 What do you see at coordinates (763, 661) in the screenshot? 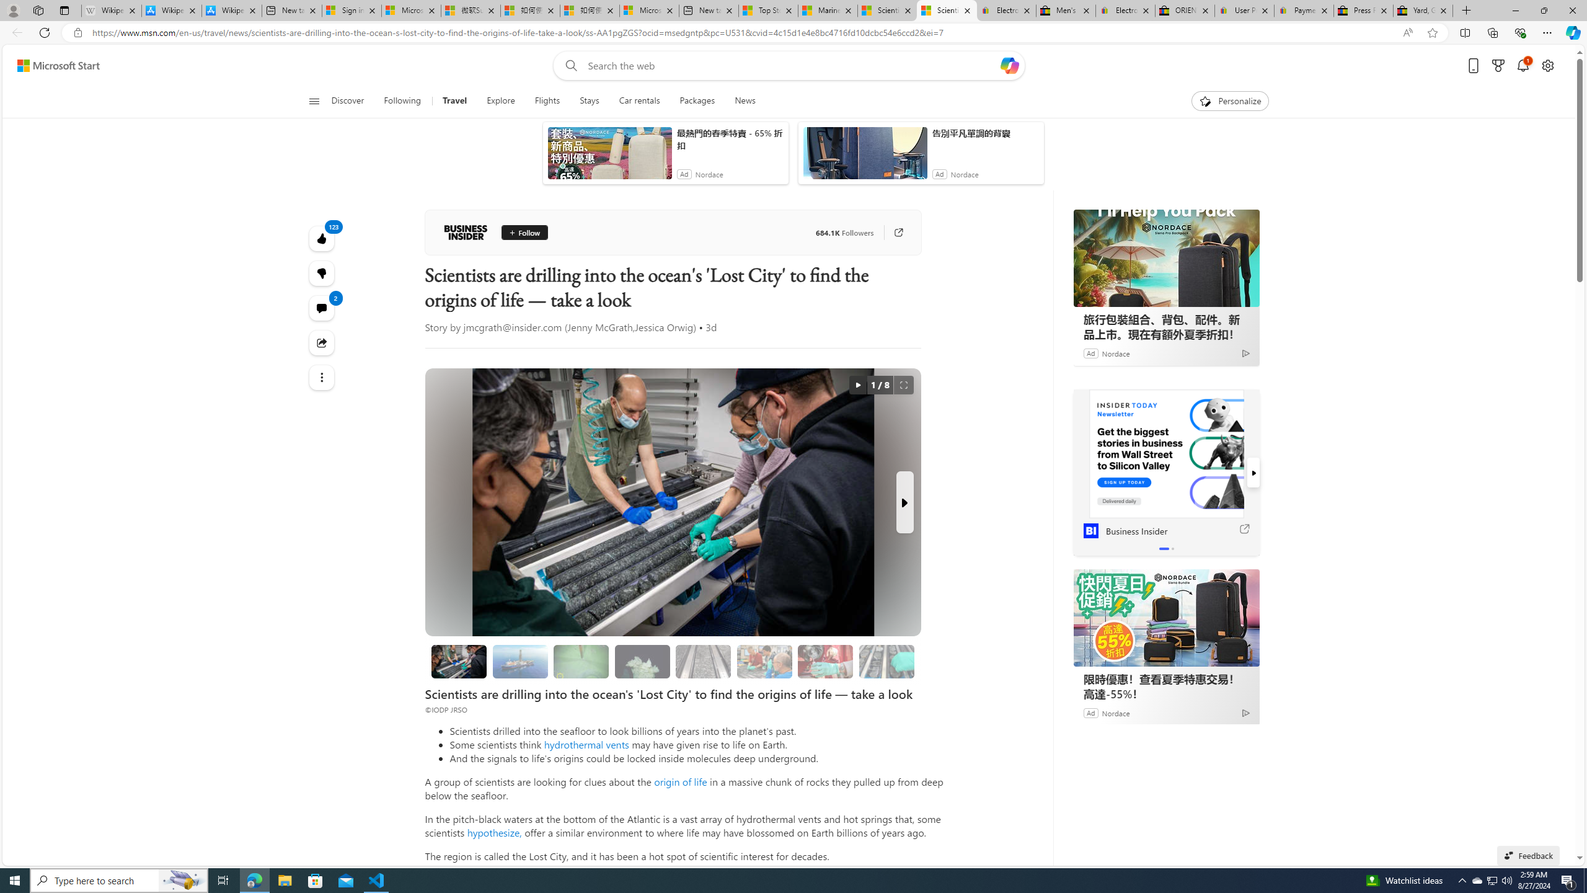
I see `'Looking for evidence of oxygen-free life'` at bounding box center [763, 661].